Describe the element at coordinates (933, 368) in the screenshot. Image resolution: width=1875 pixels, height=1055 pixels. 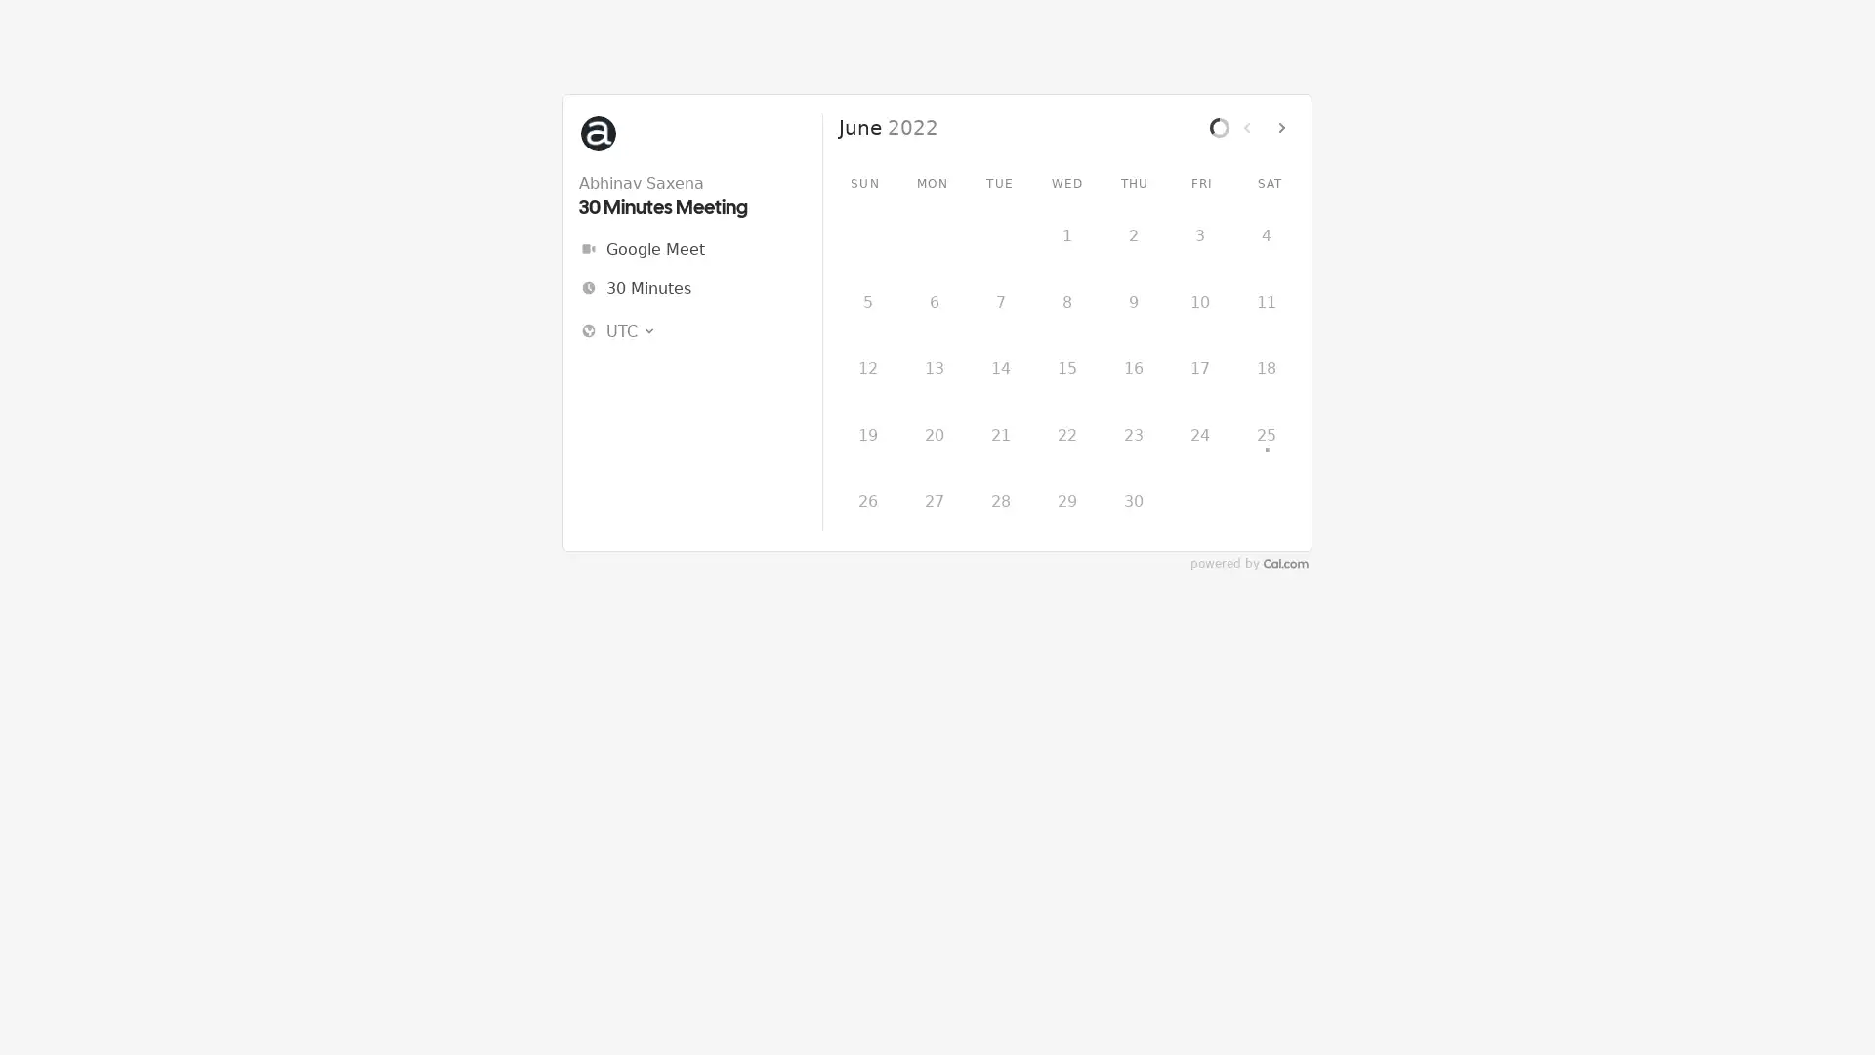
I see `13` at that location.